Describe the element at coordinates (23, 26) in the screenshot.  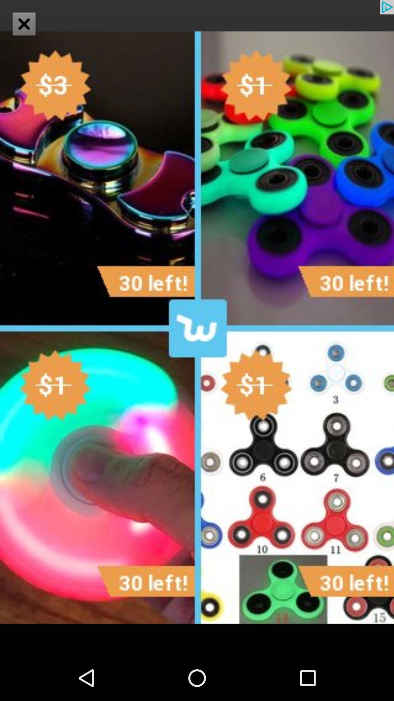
I see `the close icon` at that location.